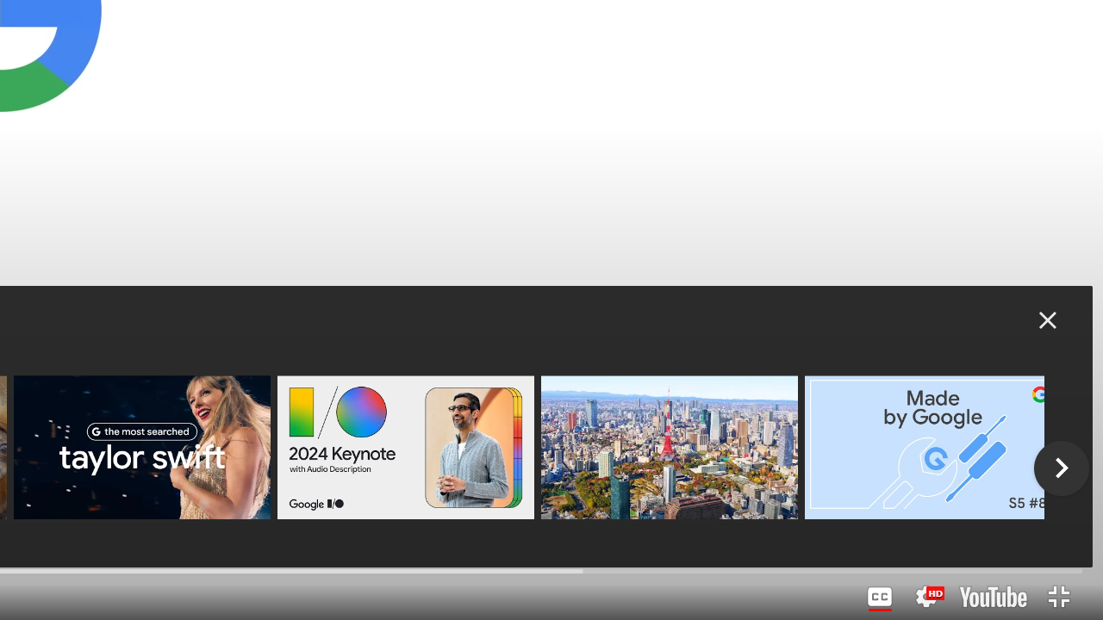  Describe the element at coordinates (932, 446) in the screenshot. I see `'Made by Google Podcast S5E8 | Don'` at that location.